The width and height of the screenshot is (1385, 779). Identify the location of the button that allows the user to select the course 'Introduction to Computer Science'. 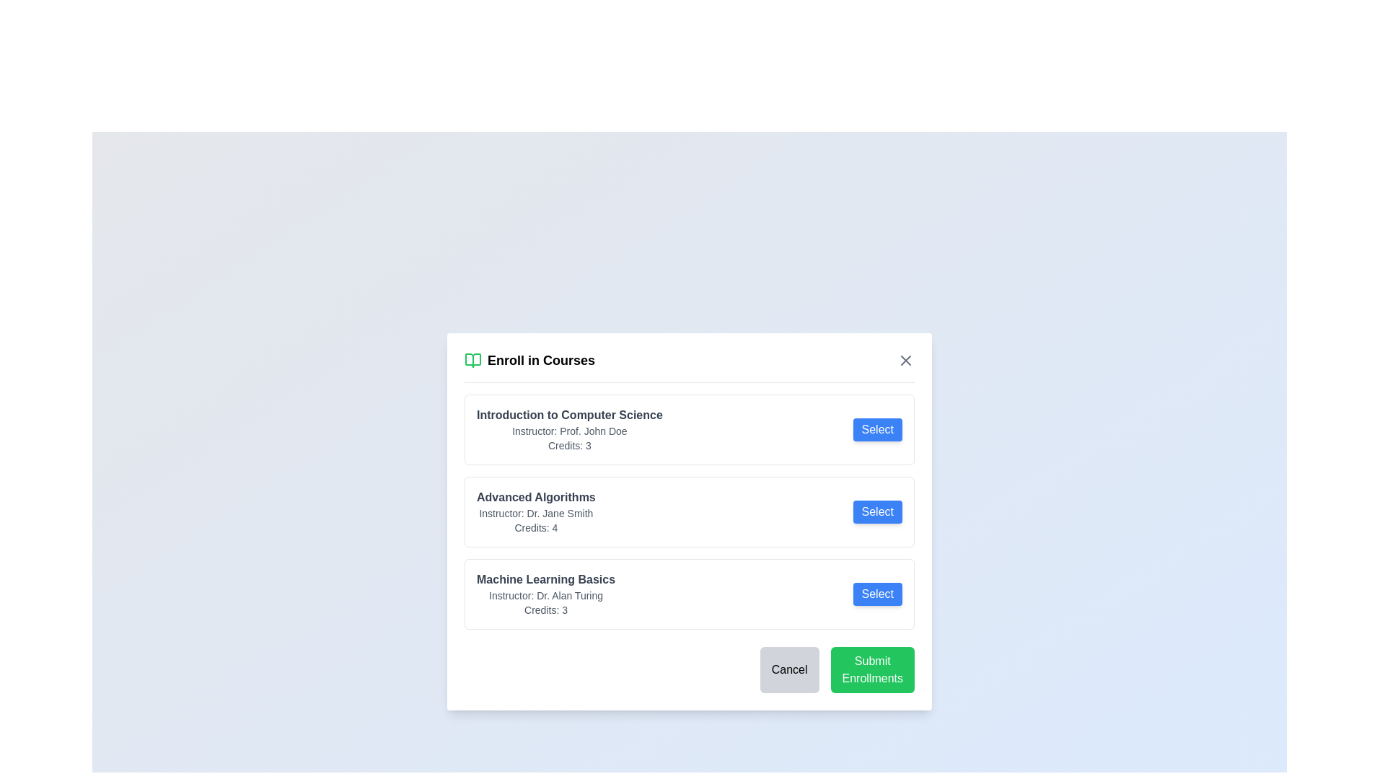
(876, 428).